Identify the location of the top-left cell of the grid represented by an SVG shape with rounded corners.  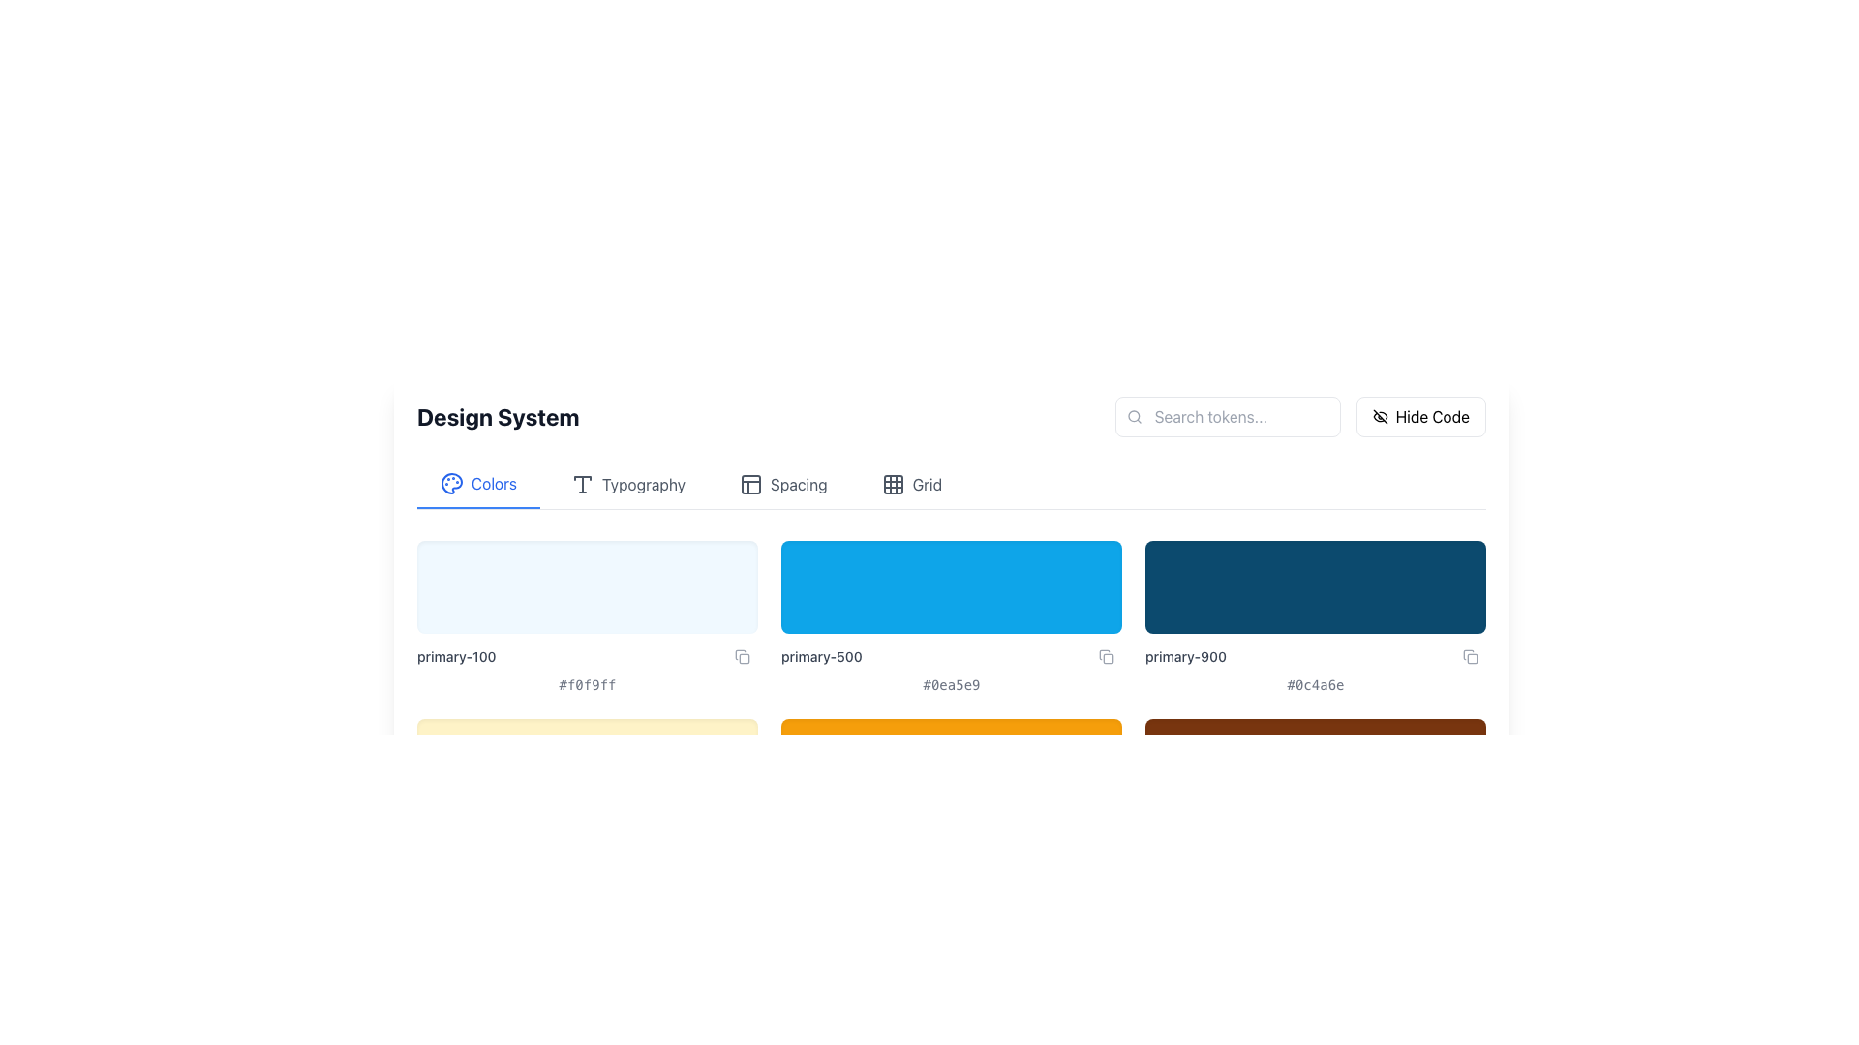
(892, 484).